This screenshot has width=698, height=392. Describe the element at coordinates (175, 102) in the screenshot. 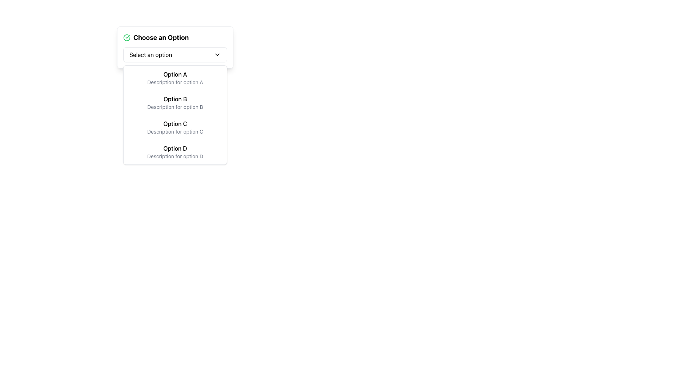

I see `the list item displaying 'Option B' with a description below it in a smaller font` at that location.